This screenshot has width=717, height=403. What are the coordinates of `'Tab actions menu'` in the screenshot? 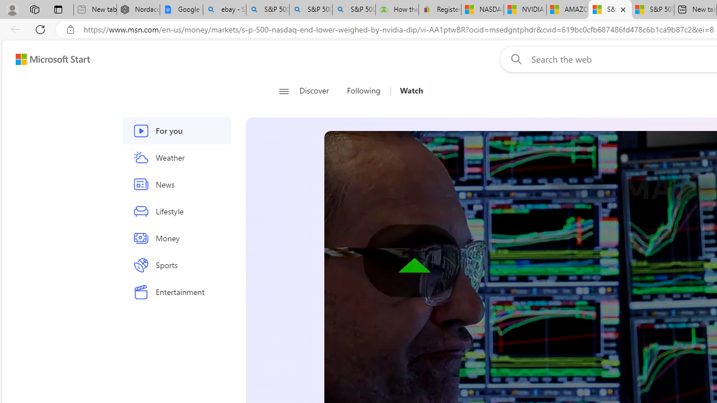 It's located at (58, 9).